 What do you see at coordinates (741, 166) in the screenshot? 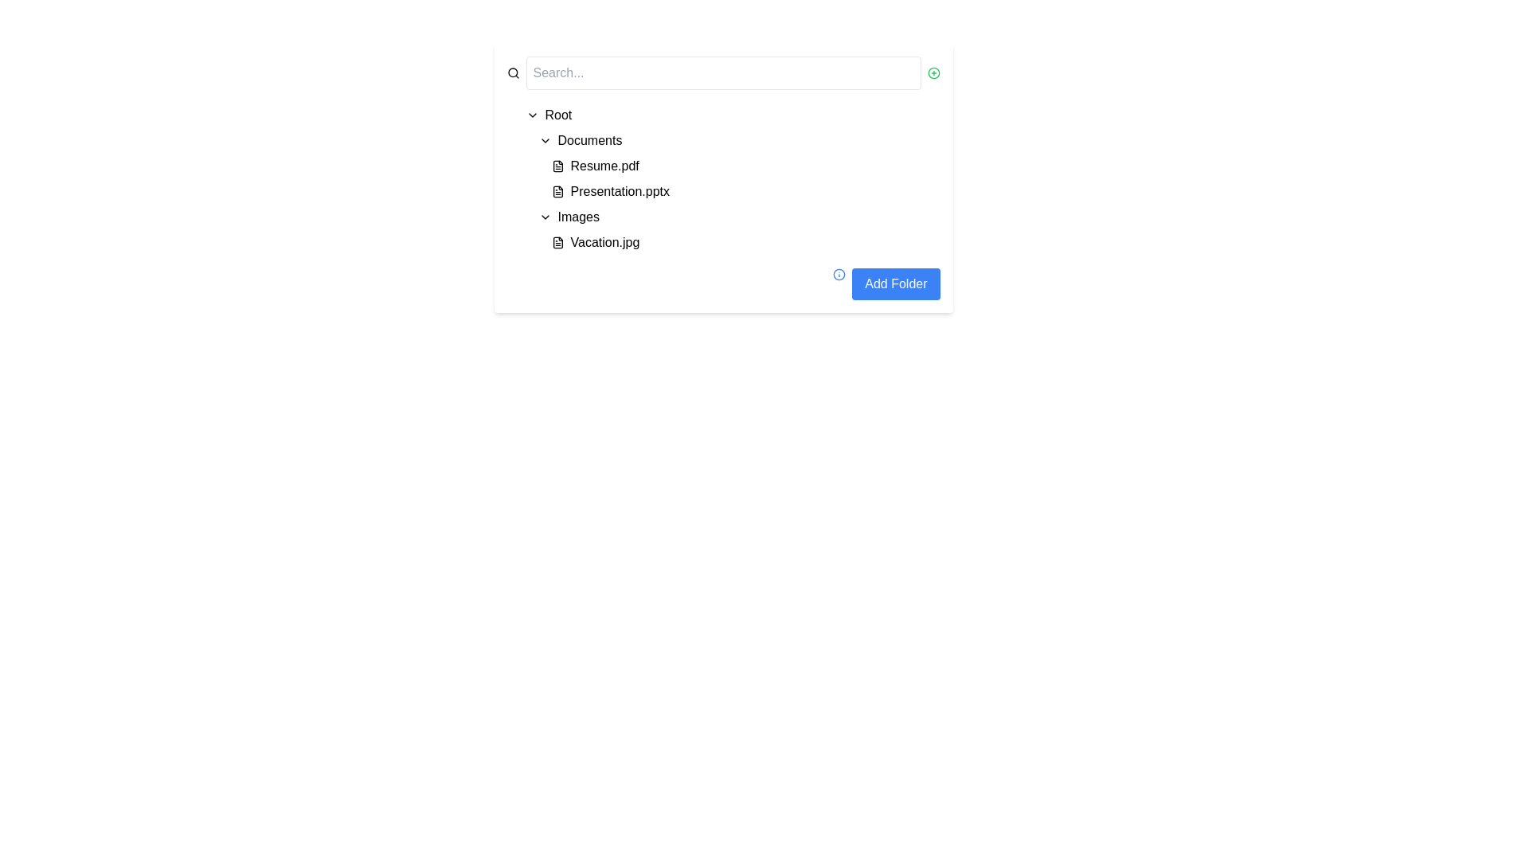
I see `the file entry item labeled 'Resume.pdf'` at bounding box center [741, 166].